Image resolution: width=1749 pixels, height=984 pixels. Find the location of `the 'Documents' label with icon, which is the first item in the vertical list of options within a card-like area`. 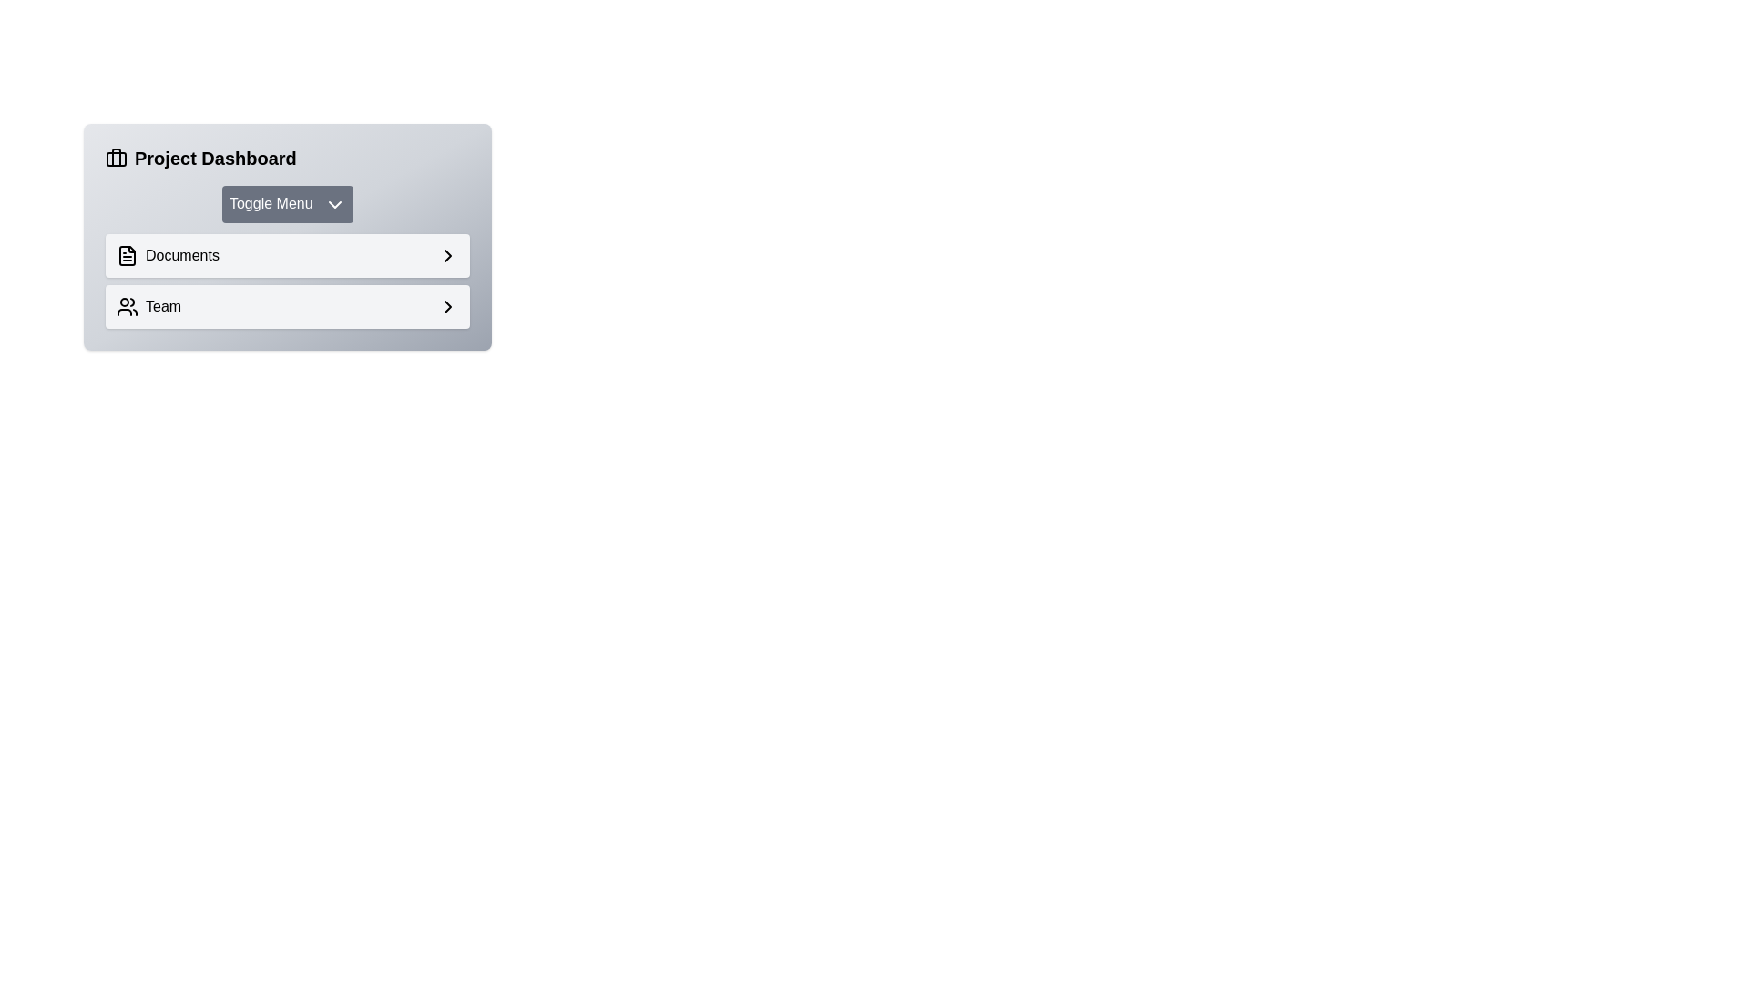

the 'Documents' label with icon, which is the first item in the vertical list of options within a card-like area is located at coordinates (168, 255).